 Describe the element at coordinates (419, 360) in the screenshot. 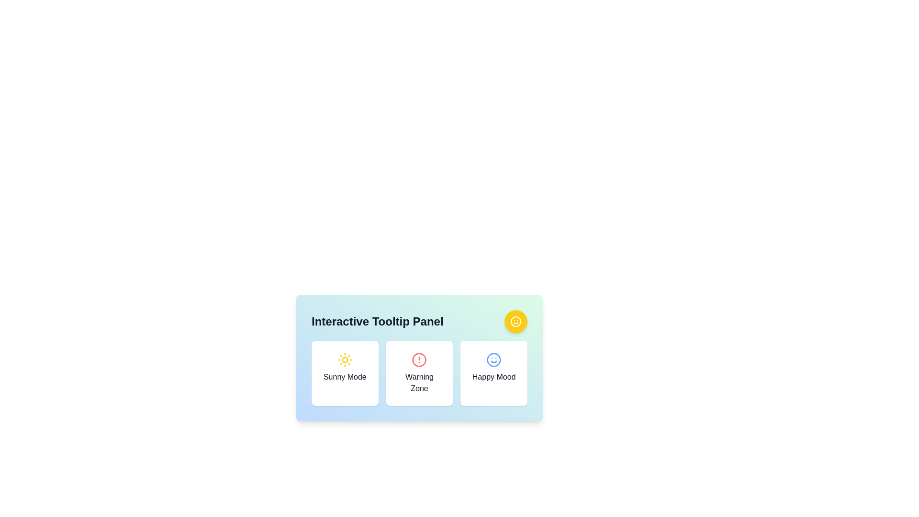

I see `the Circular alert icon located in the center of the 'Warning Zone' card, which visually indicates a warning or alert` at that location.